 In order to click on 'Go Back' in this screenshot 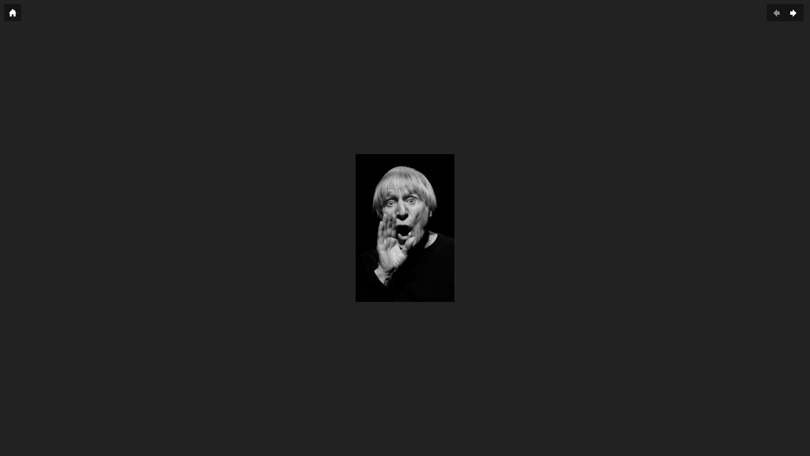, I will do `click(12, 13)`.